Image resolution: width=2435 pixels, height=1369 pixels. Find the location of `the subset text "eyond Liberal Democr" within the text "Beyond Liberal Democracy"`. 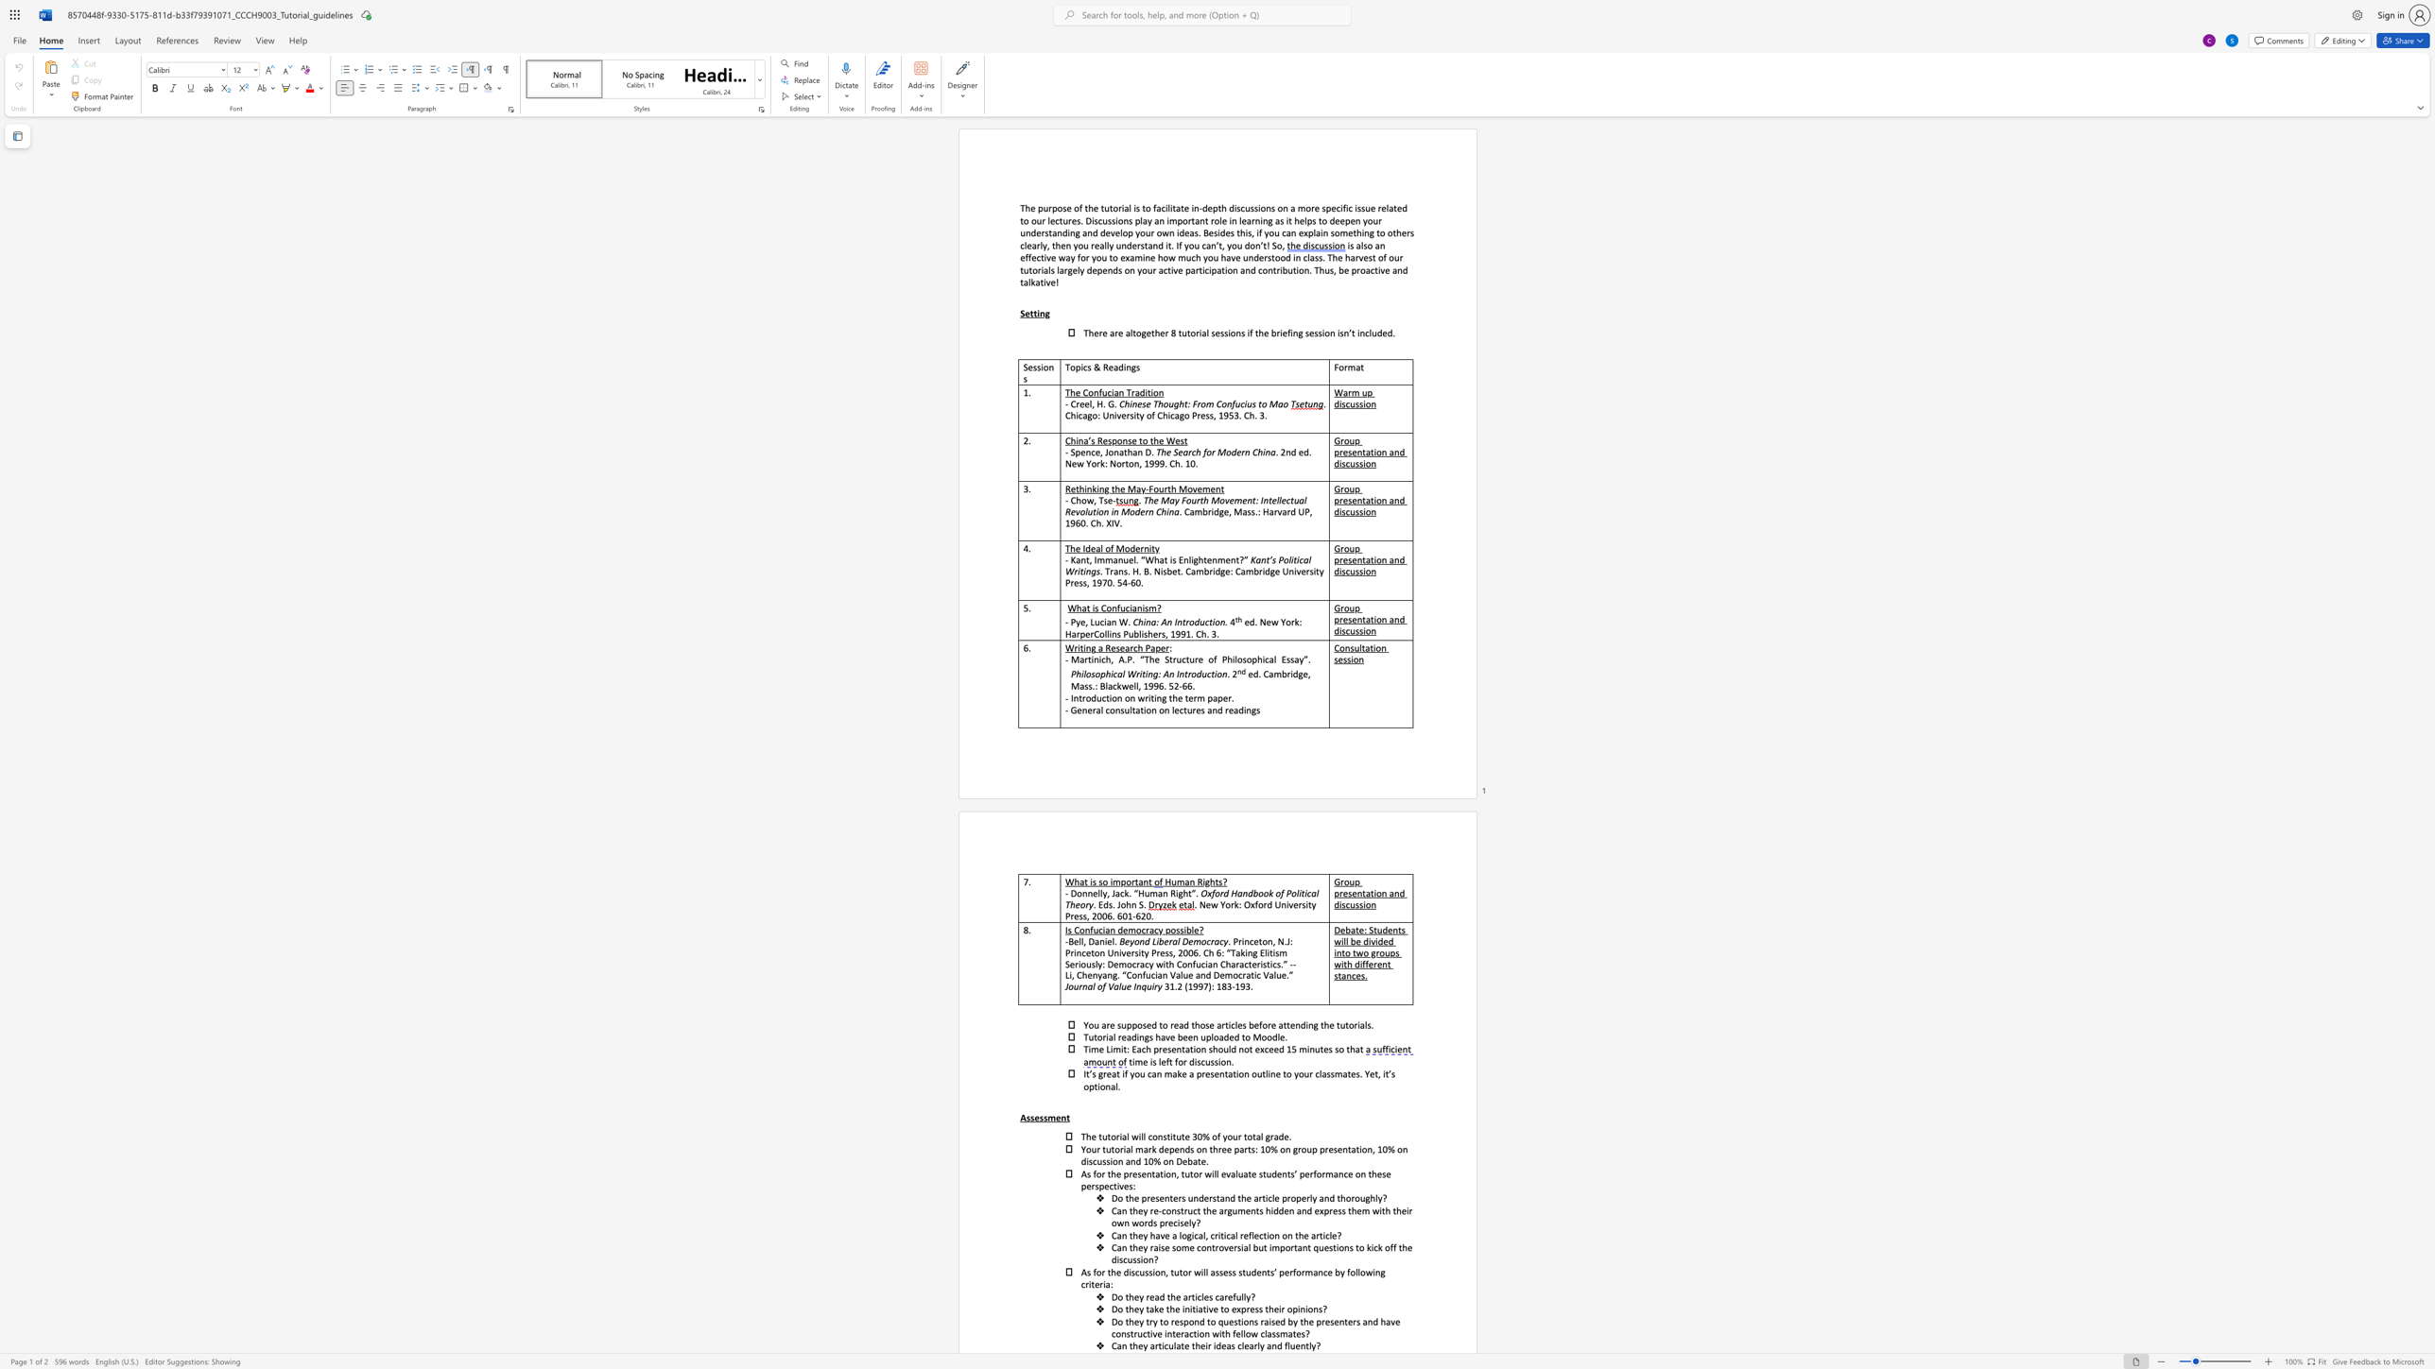

the subset text "eyond Liberal Democr" within the text "Beyond Liberal Democracy" is located at coordinates (1124, 941).